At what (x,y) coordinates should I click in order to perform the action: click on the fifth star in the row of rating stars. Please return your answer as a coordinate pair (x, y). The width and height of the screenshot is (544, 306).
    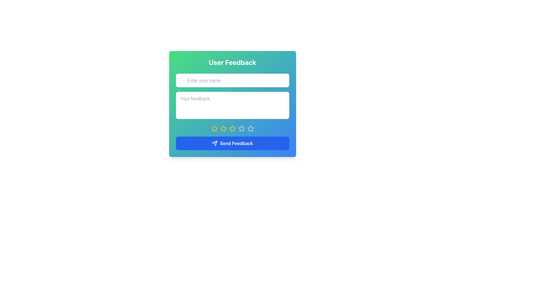
    Looking at the image, I should click on (250, 129).